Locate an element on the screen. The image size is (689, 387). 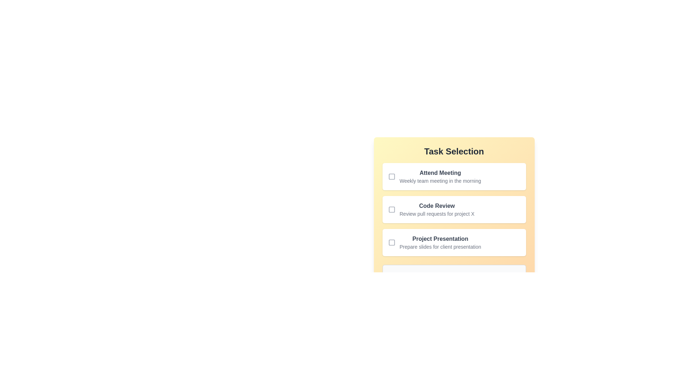
the checkbox for the 'Code Review' task is located at coordinates (391, 210).